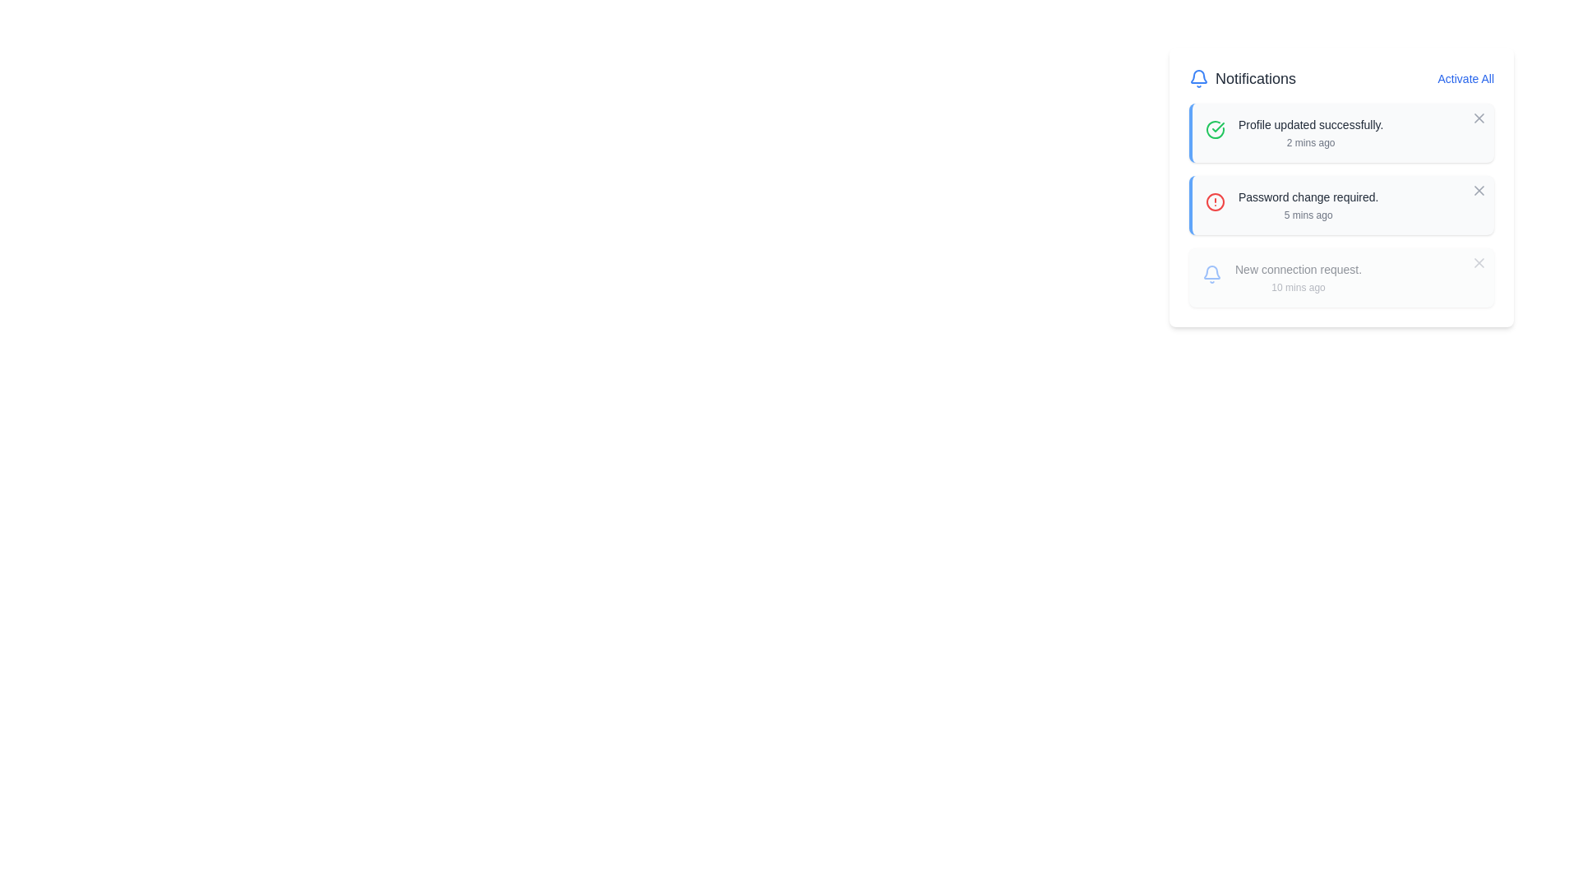 The image size is (1578, 888). I want to click on the small gray button with an 'X' icon located at the top-right corner of the notification stating 'Password change required. 5 mins ago', so click(1479, 189).